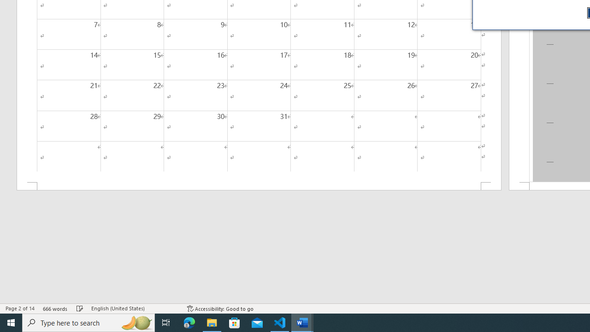 The image size is (590, 332). I want to click on 'Microsoft Store', so click(235, 322).